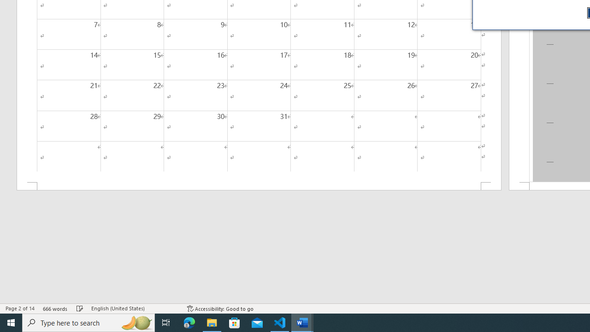 The image size is (590, 332). I want to click on 'Microsoft Store', so click(235, 322).